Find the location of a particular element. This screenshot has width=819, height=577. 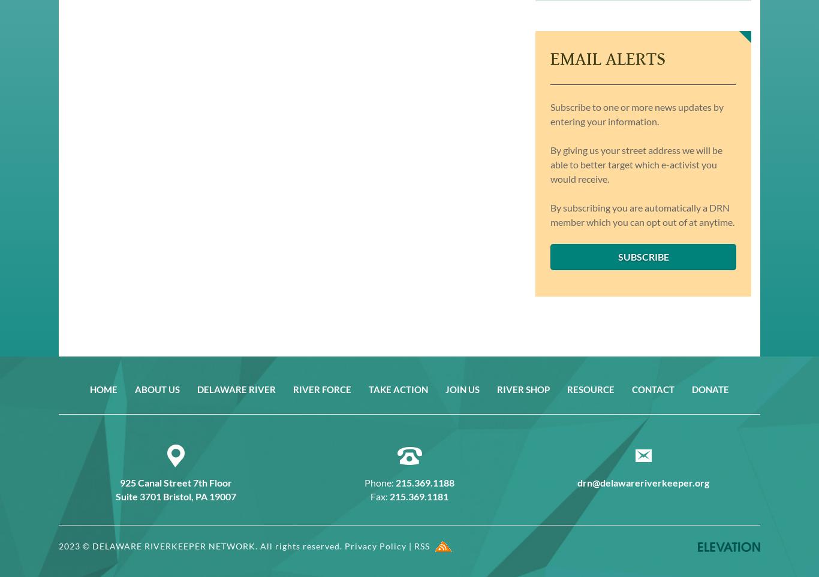

'River Shop' is located at coordinates (496, 388).